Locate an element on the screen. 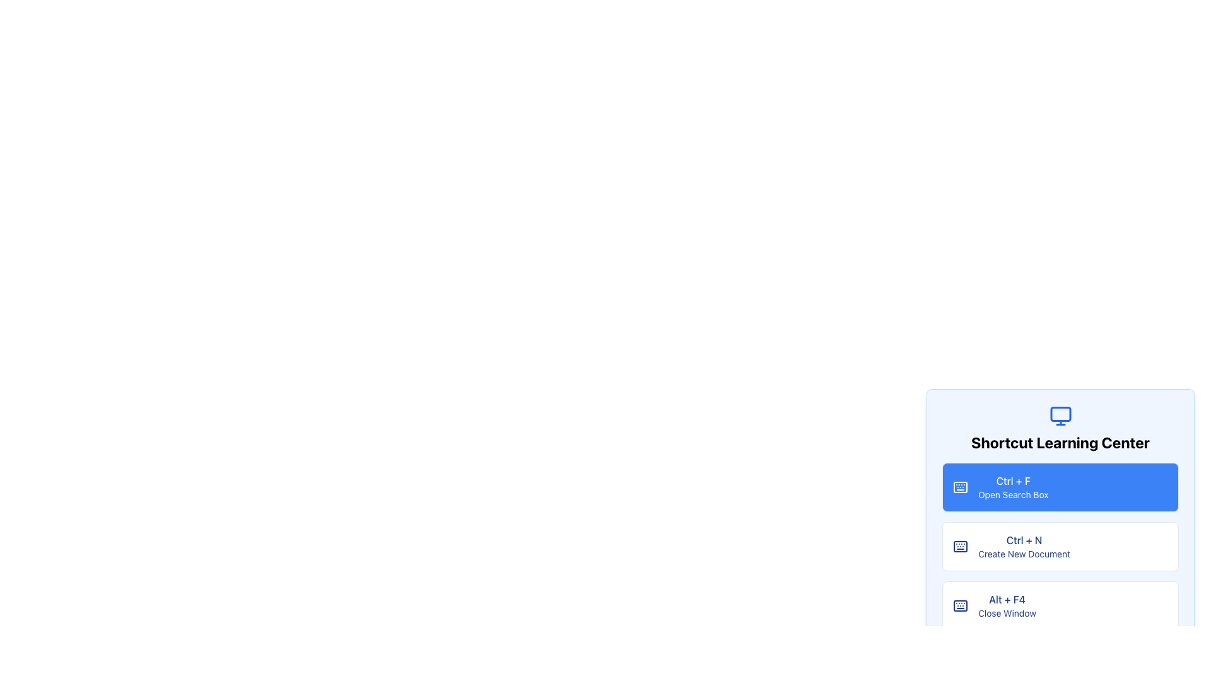  the design of the keyboard shortcut icon representing 'Alt + F4 Close Window' located in the Shortcut Learning Center section is located at coordinates (959, 605).